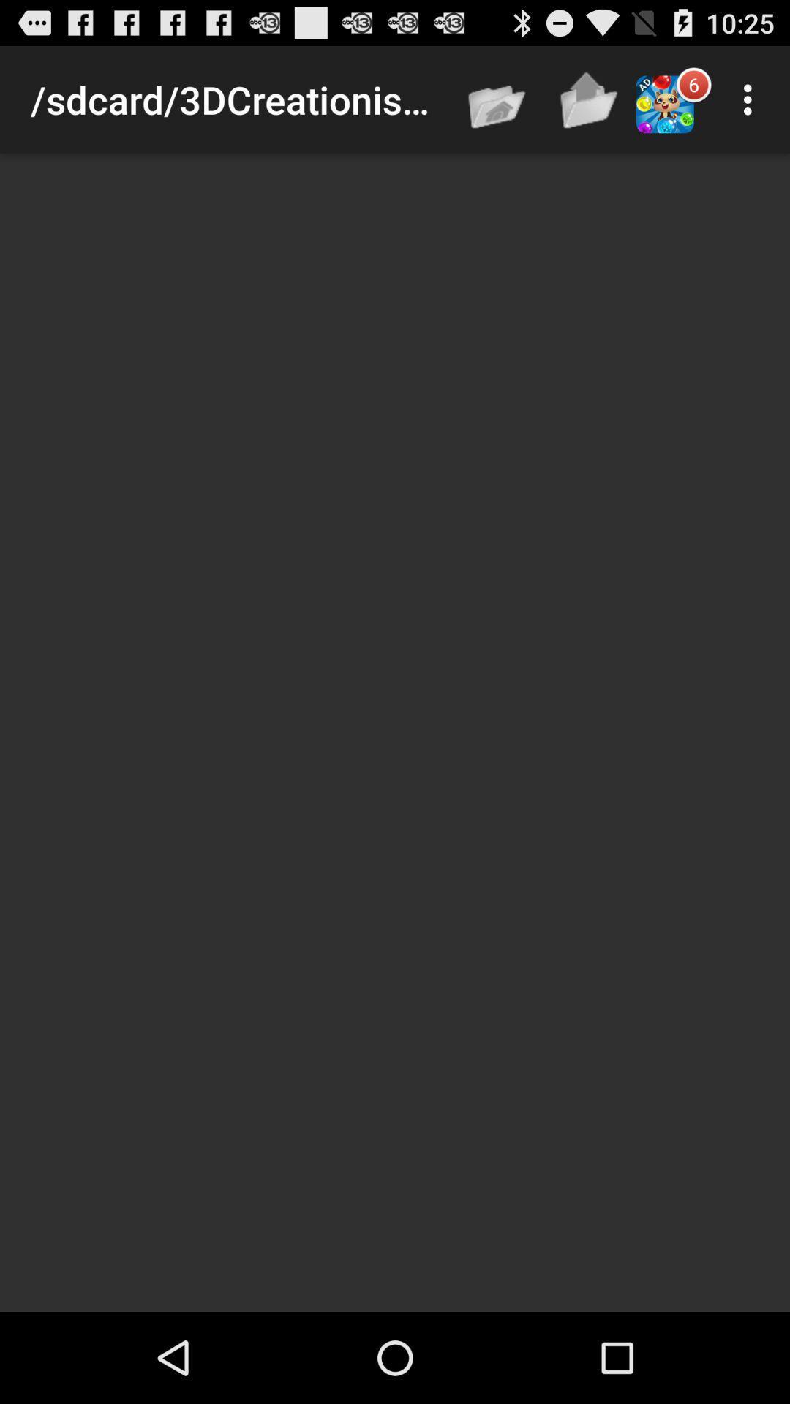 Image resolution: width=790 pixels, height=1404 pixels. I want to click on icon to the right of the 6 icon, so click(751, 99).